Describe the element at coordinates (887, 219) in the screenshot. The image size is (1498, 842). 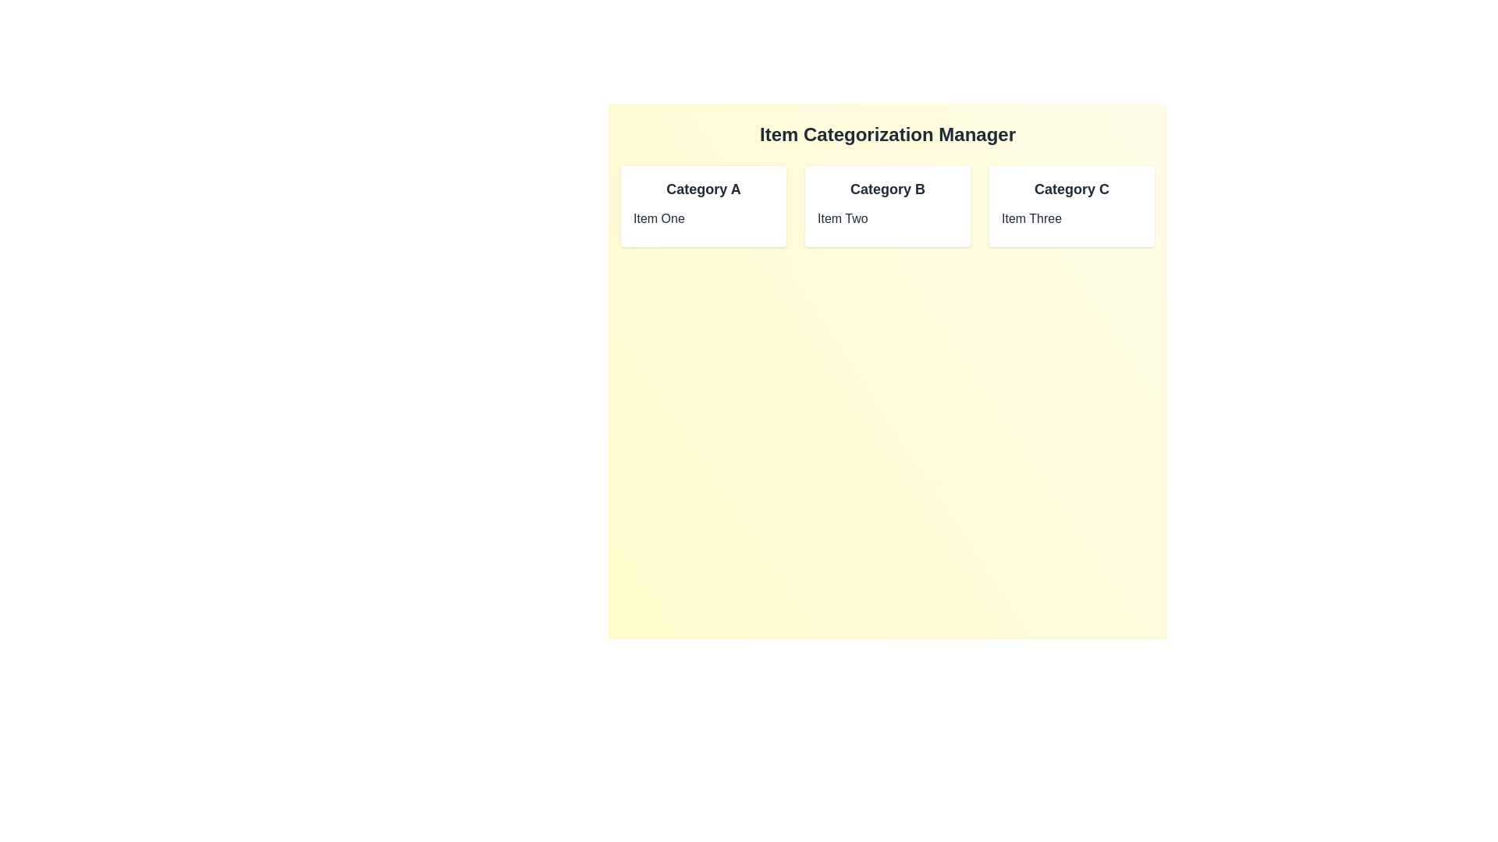
I see `the item named Item Two to select it` at that location.